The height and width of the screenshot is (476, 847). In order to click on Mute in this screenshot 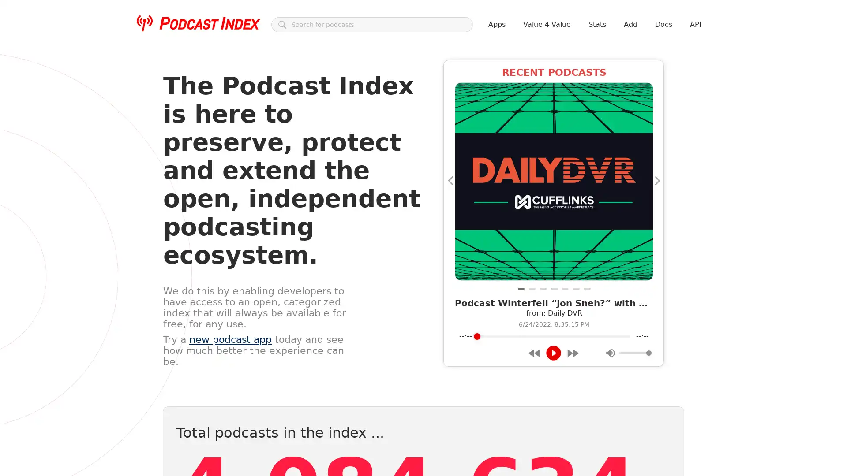, I will do `click(610, 353)`.